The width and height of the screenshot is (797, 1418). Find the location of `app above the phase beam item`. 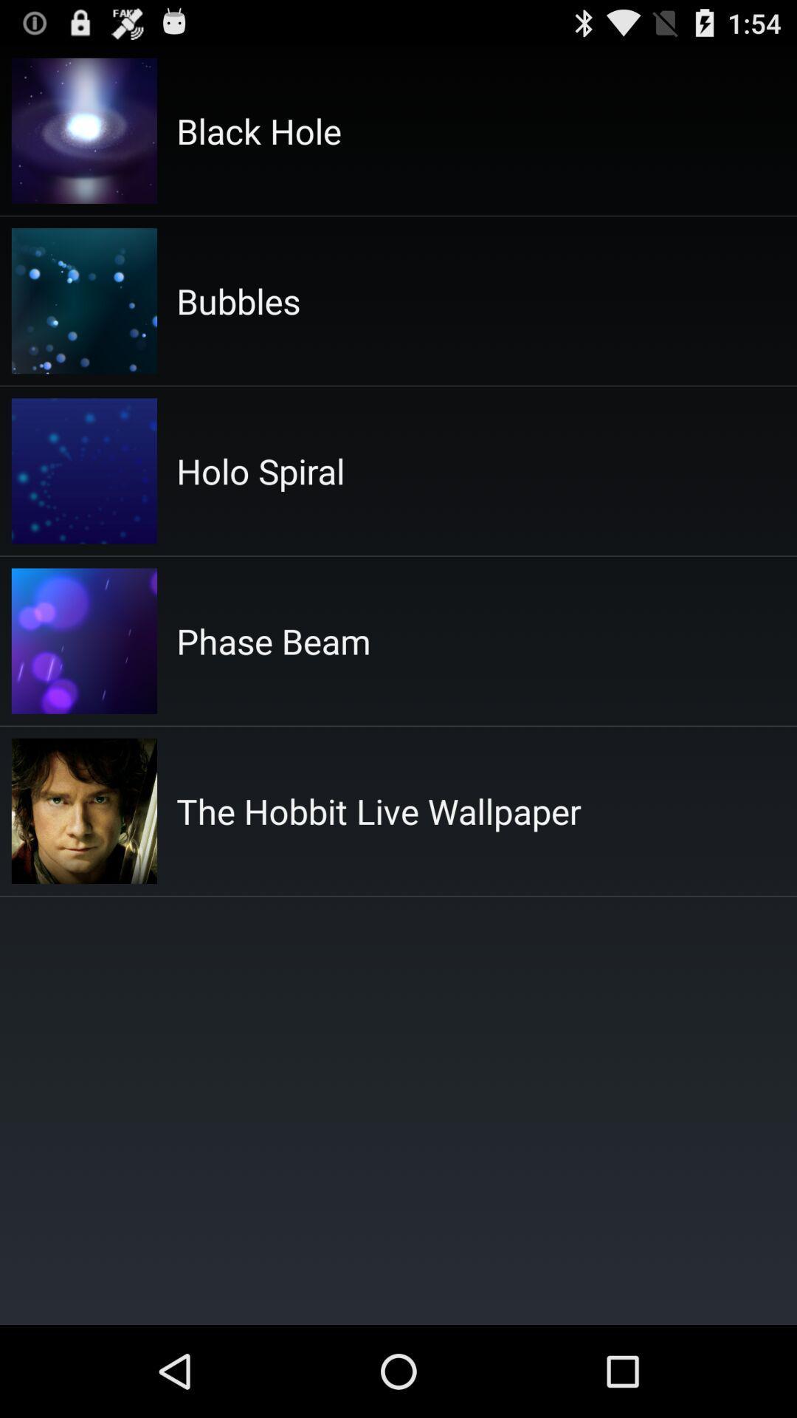

app above the phase beam item is located at coordinates (260, 470).